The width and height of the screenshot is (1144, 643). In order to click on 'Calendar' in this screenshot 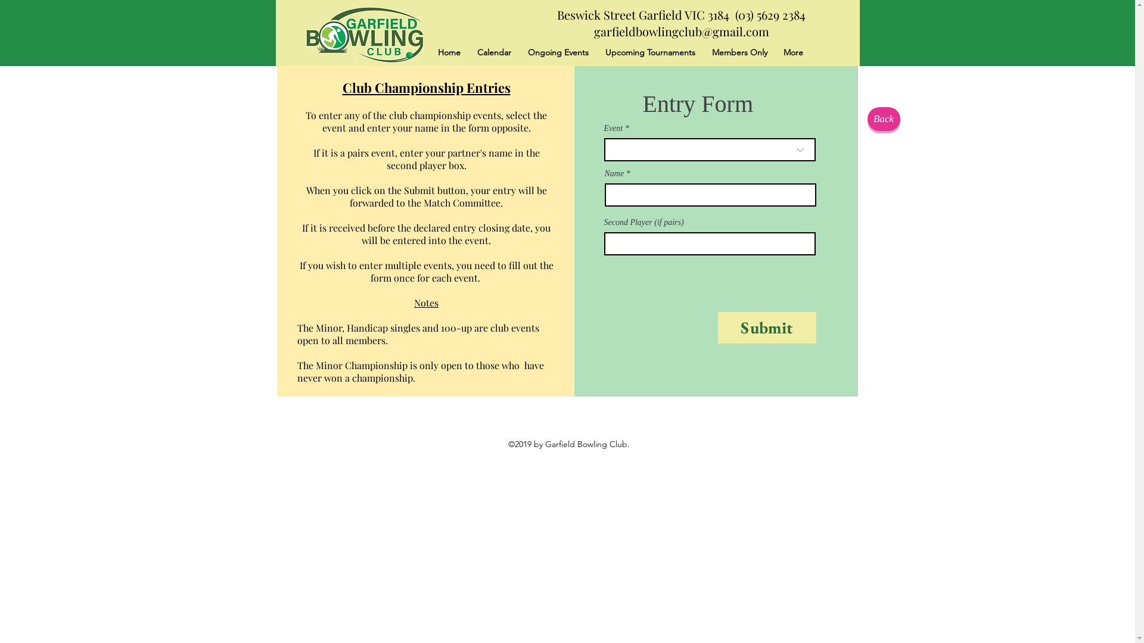, I will do `click(468, 52)`.